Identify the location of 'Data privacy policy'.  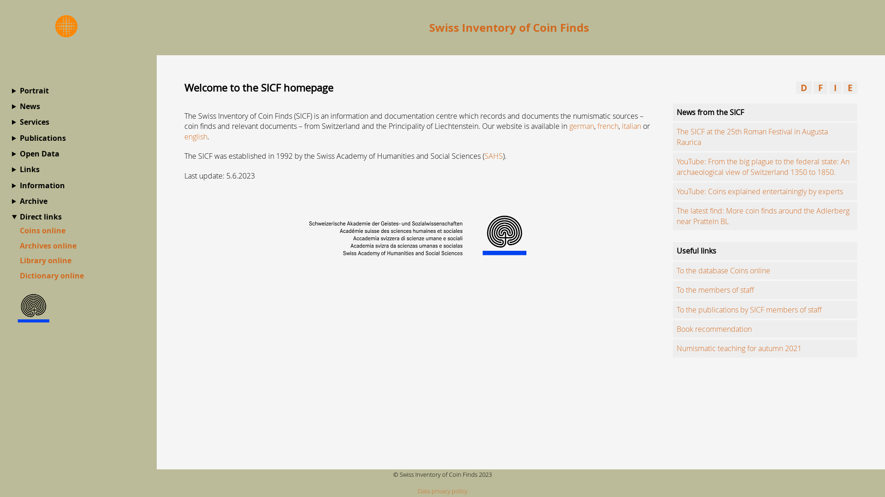
(442, 491).